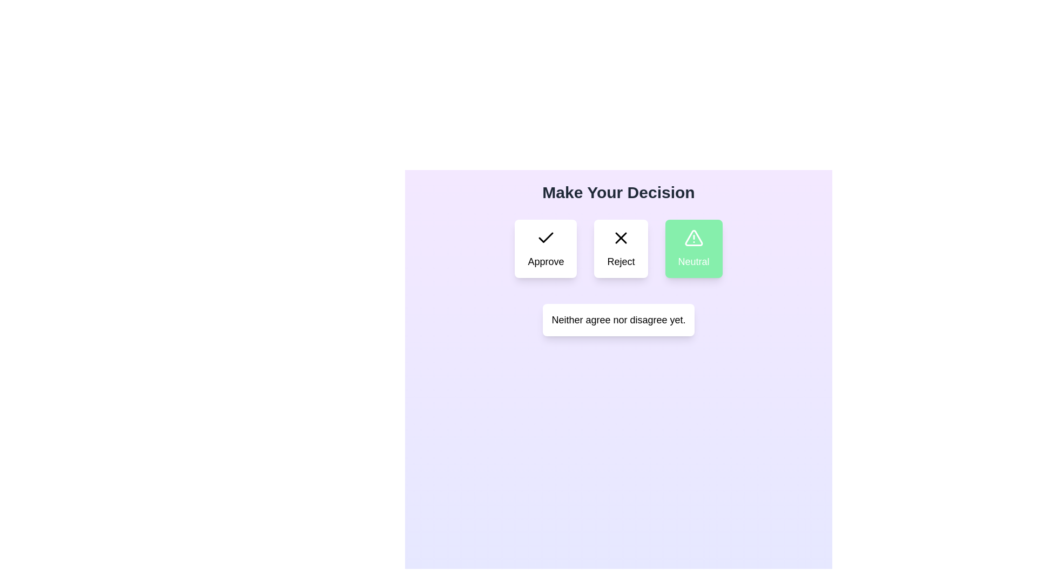 Image resolution: width=1037 pixels, height=583 pixels. I want to click on the button labeled Neutral to observe its visual effect, so click(693, 249).